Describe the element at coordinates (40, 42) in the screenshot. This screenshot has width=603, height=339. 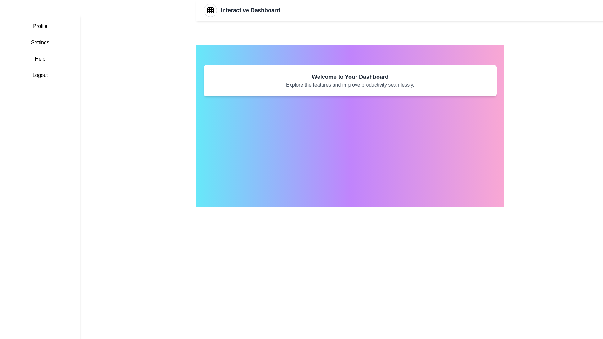
I see `the sidebar menu item labeled Settings` at that location.